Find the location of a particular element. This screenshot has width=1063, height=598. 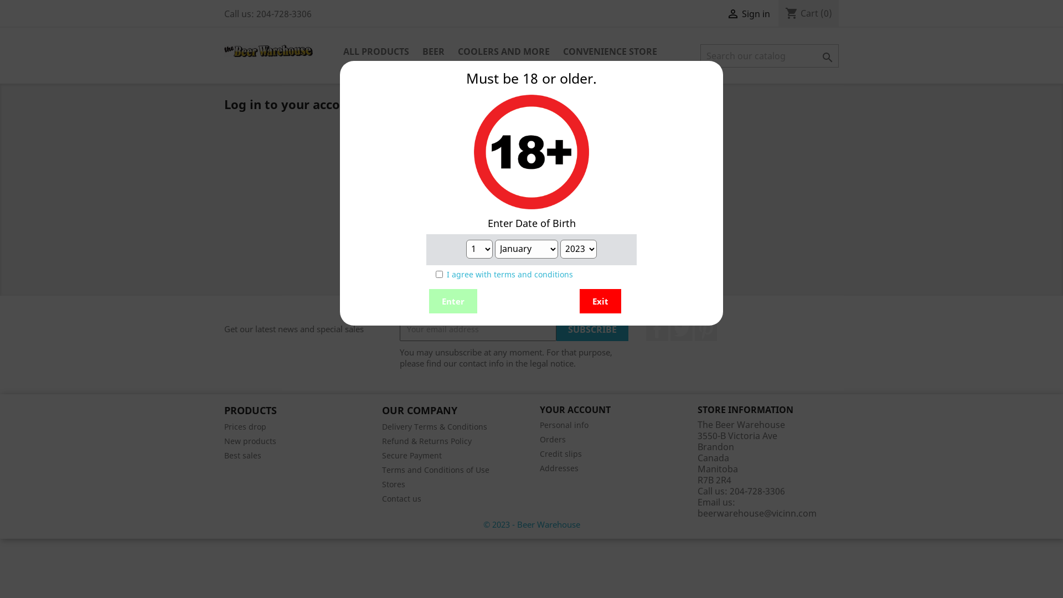

'YOUR ACCOUNT' is located at coordinates (539, 410).